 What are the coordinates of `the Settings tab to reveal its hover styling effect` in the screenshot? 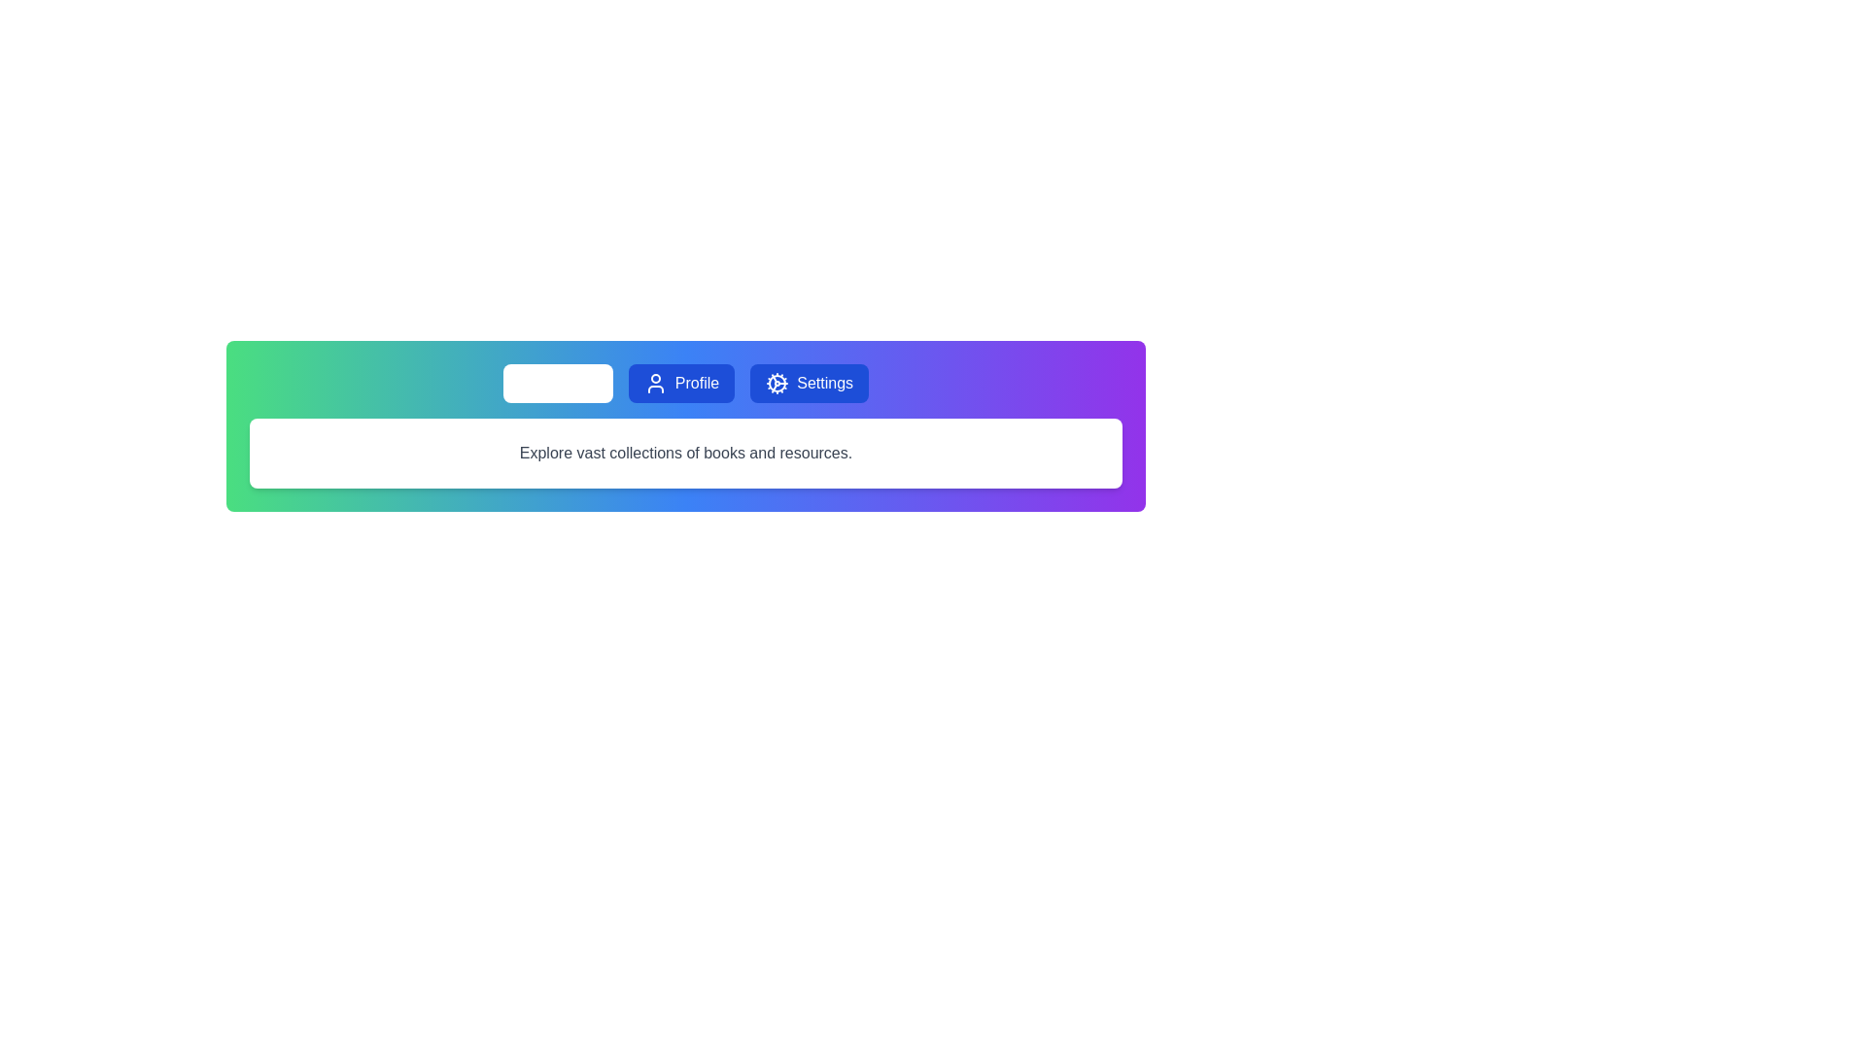 It's located at (810, 383).